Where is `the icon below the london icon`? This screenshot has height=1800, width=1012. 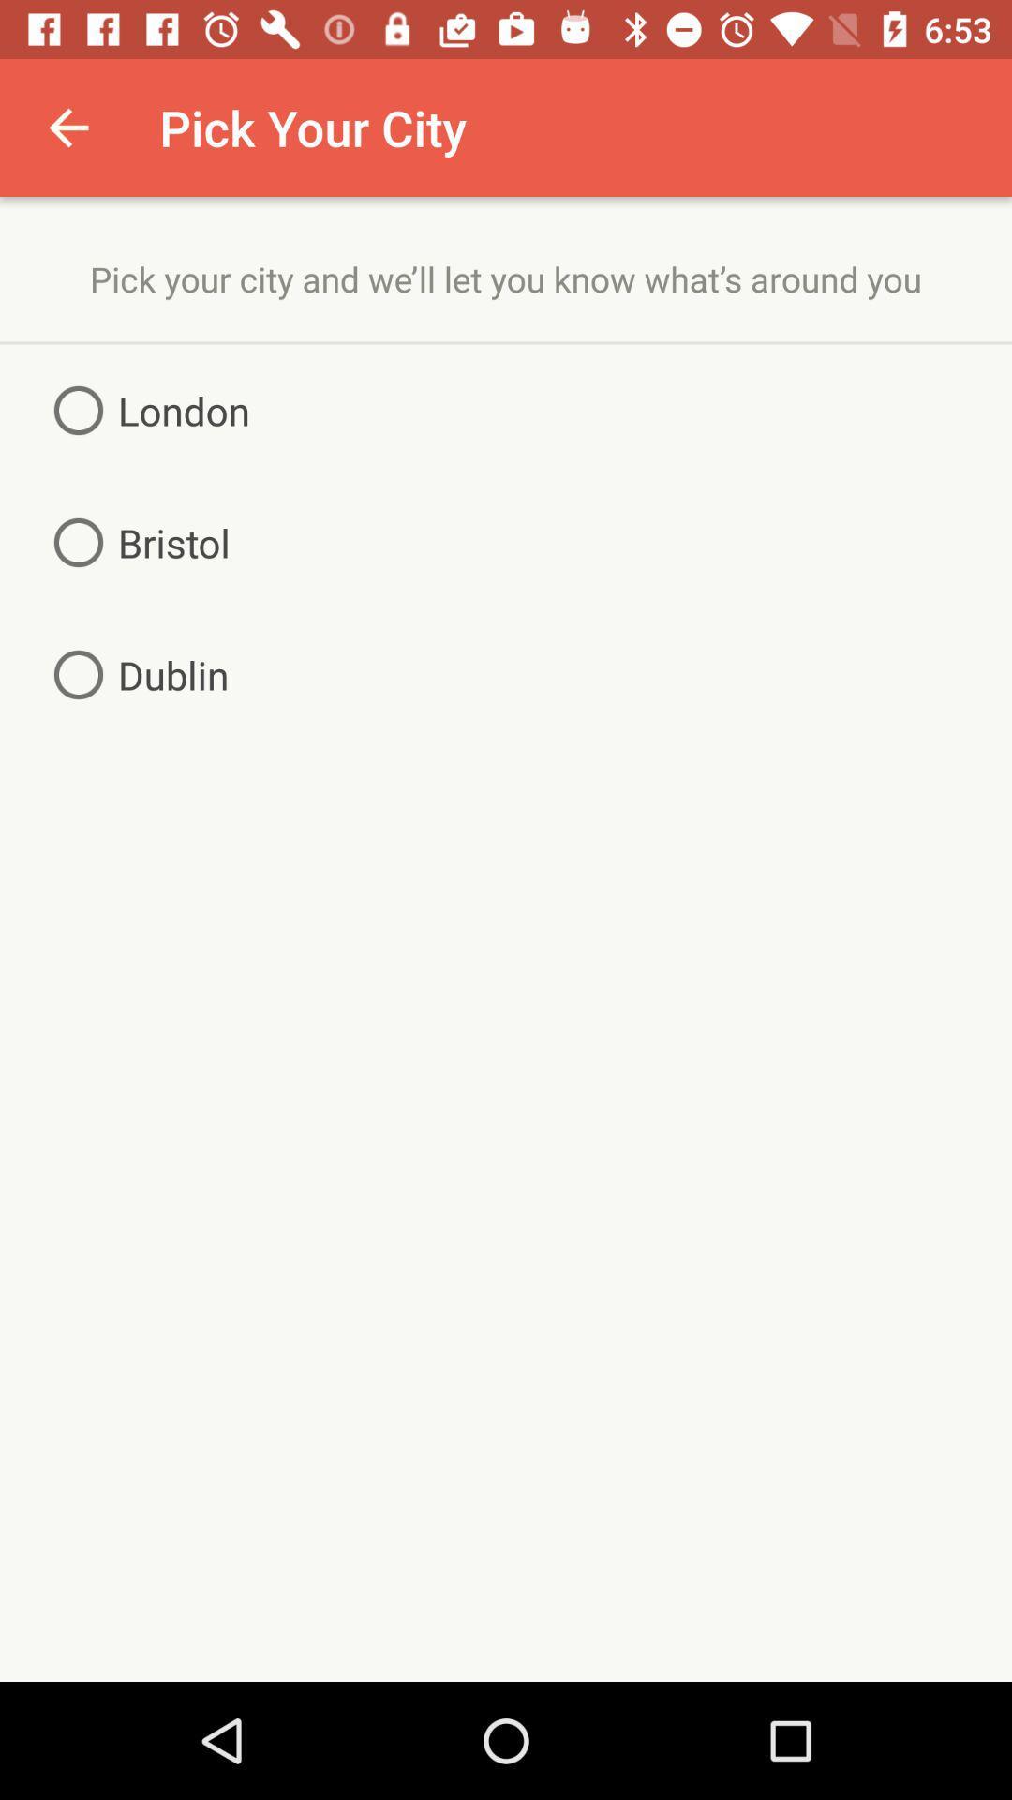 the icon below the london icon is located at coordinates (133, 542).